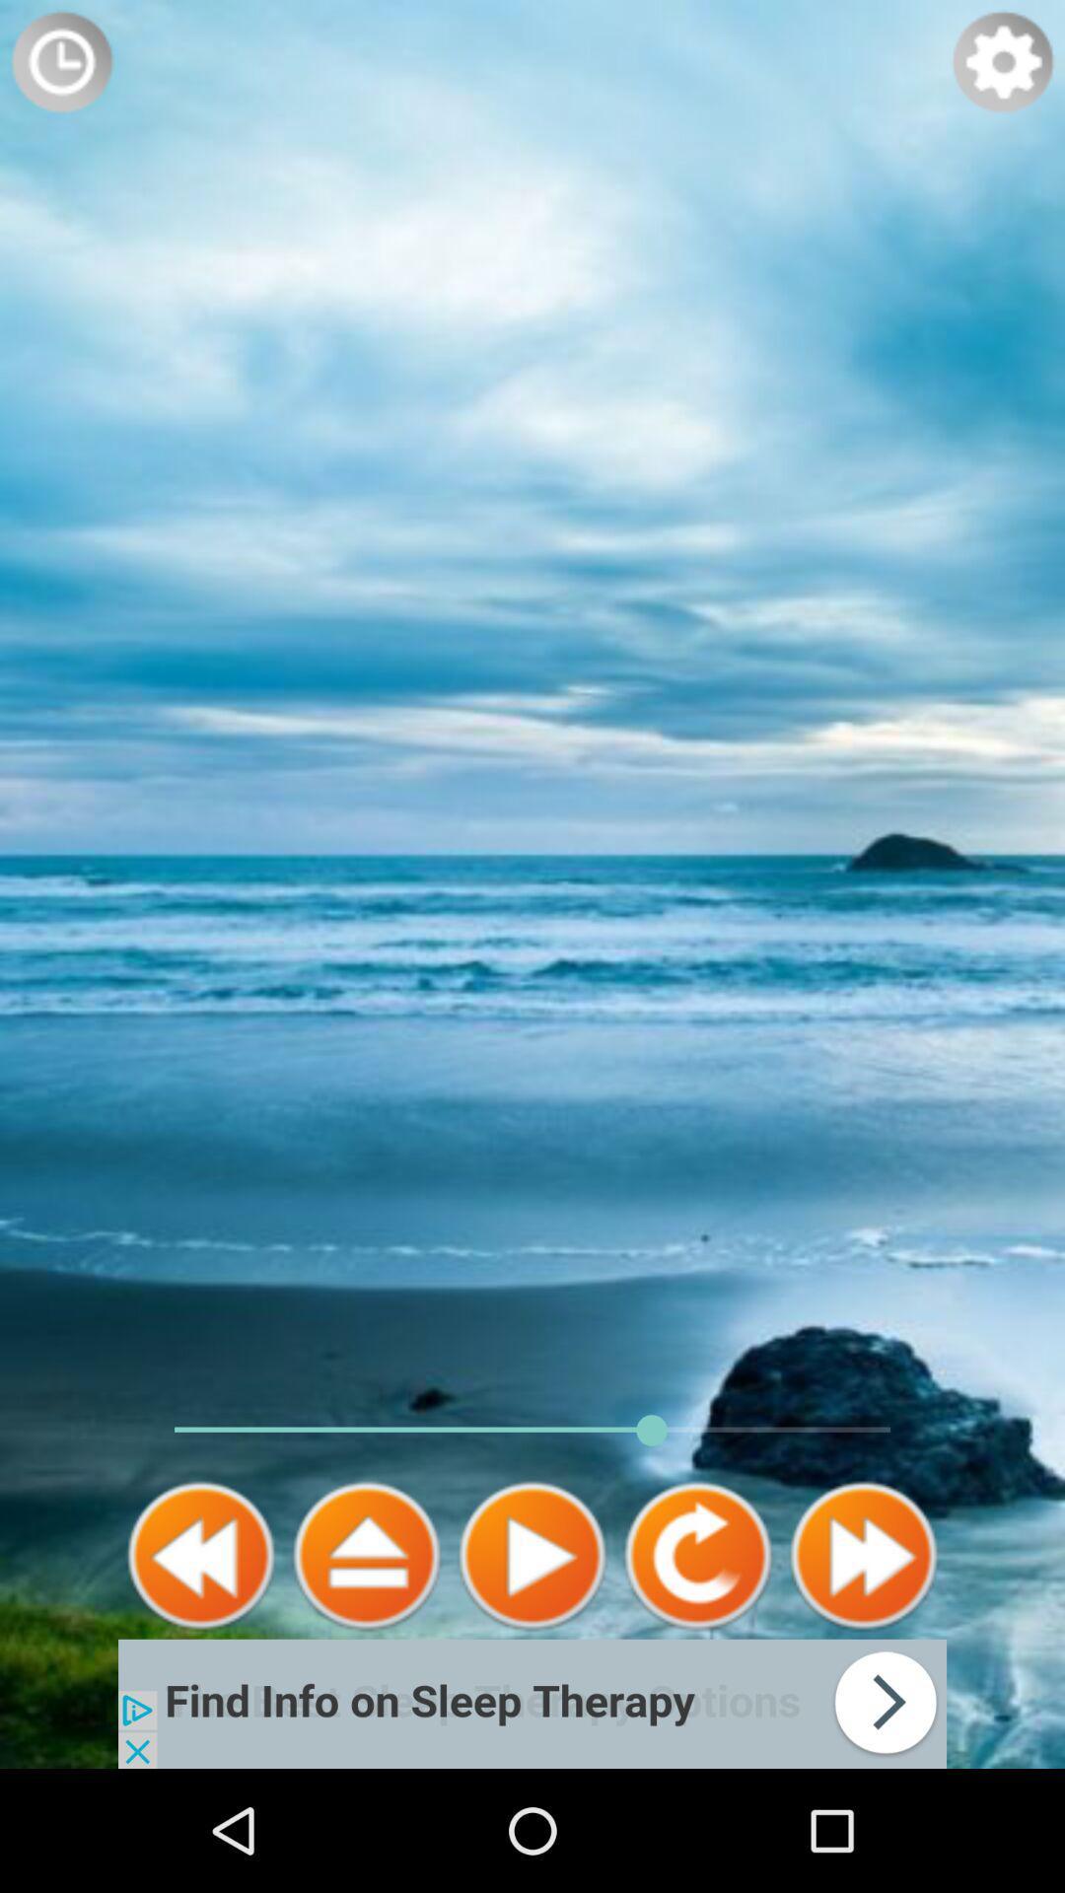  Describe the element at coordinates (697, 1555) in the screenshot. I see `again` at that location.